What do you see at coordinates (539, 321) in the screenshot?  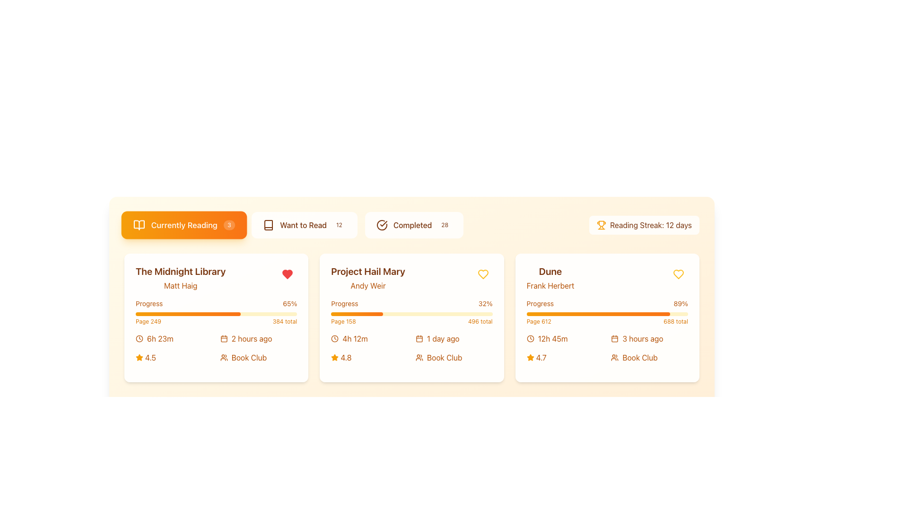 I see `the static text indicating the current page number in the book 'Dune', located on the bottom-right card in the progress section, to the left of the progress bar` at bounding box center [539, 321].